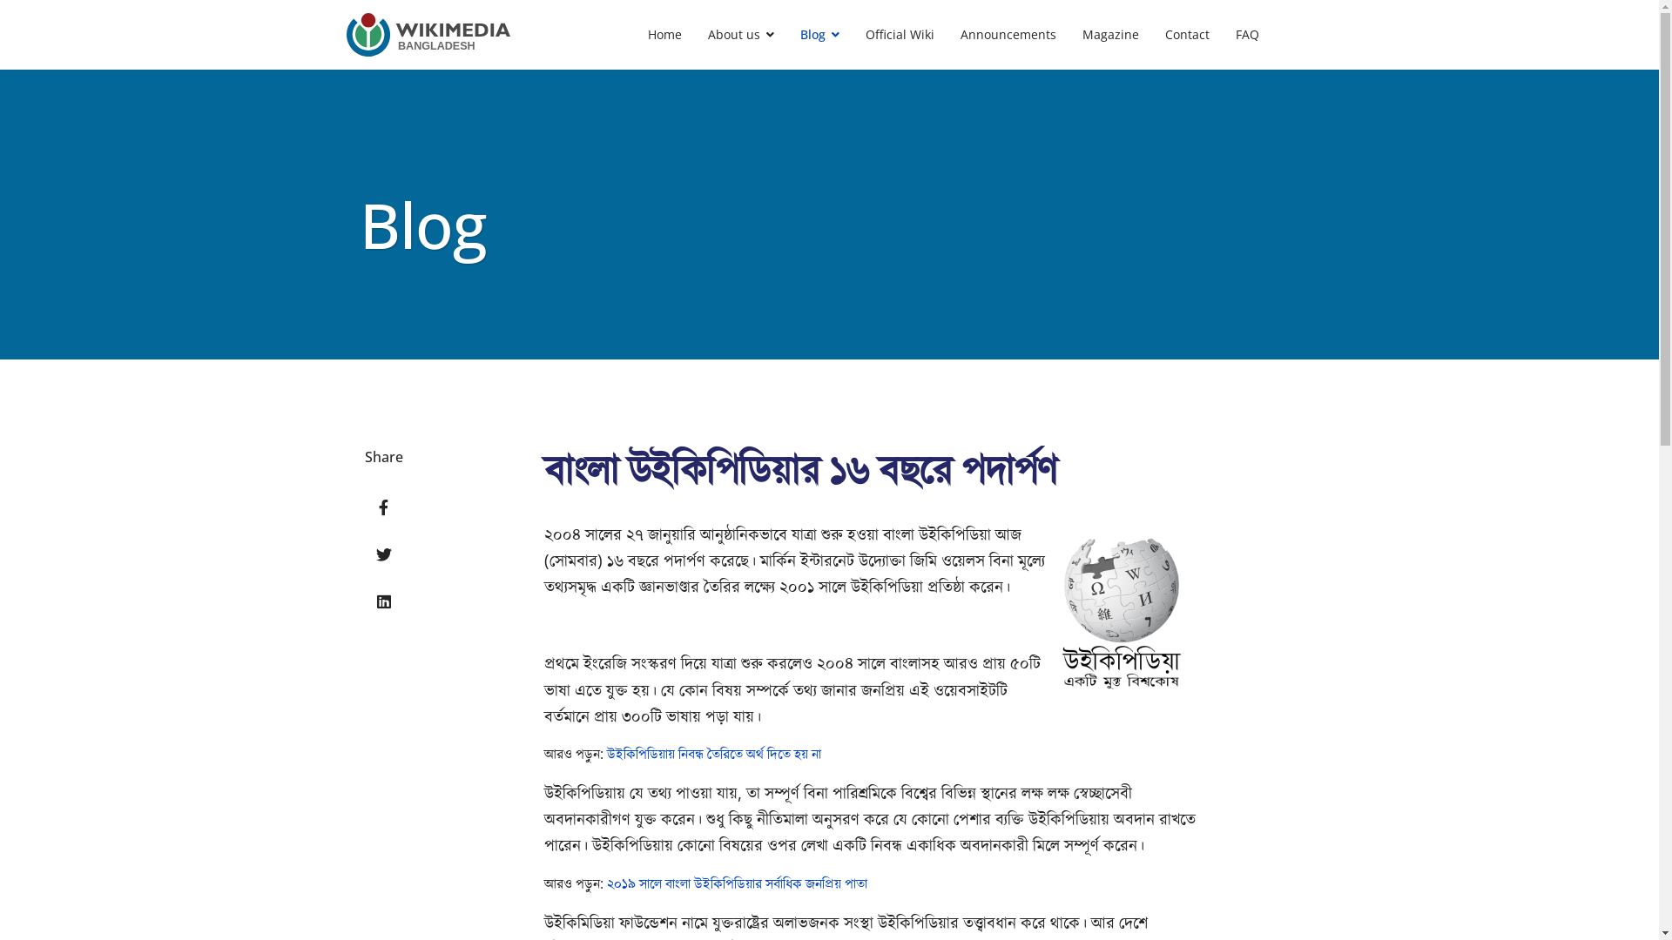 The height and width of the screenshot is (940, 1672). I want to click on 'Official Wiki', so click(900, 34).